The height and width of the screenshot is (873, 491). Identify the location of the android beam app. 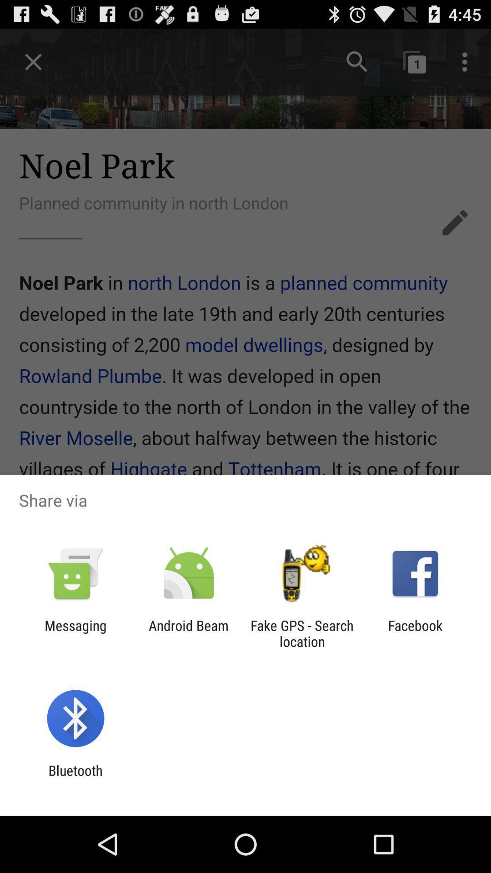
(188, 633).